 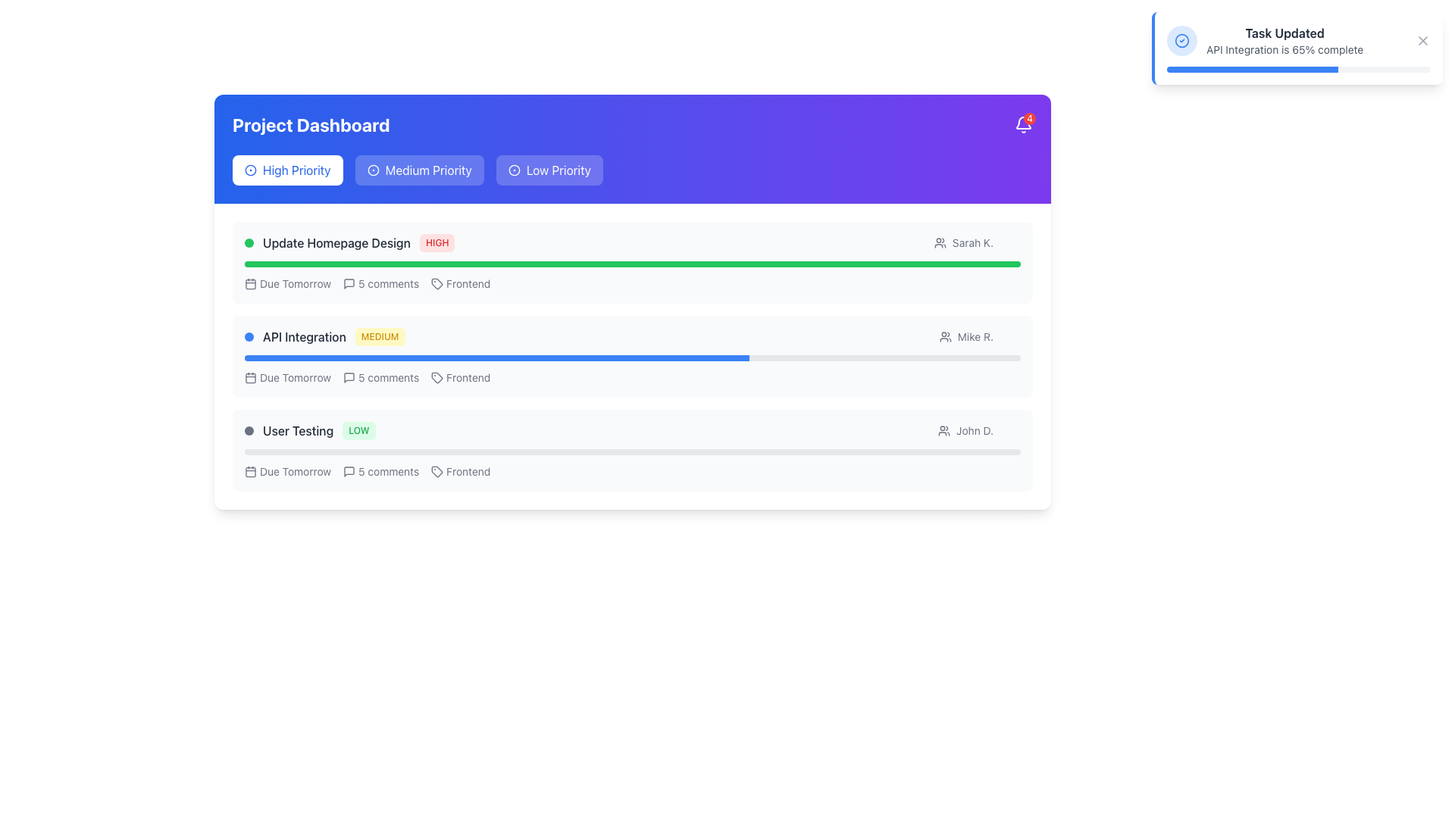 What do you see at coordinates (436, 471) in the screenshot?
I see `the tag icon located to the left of the word 'Frontend' in the footer of the 'API Integration' task section` at bounding box center [436, 471].